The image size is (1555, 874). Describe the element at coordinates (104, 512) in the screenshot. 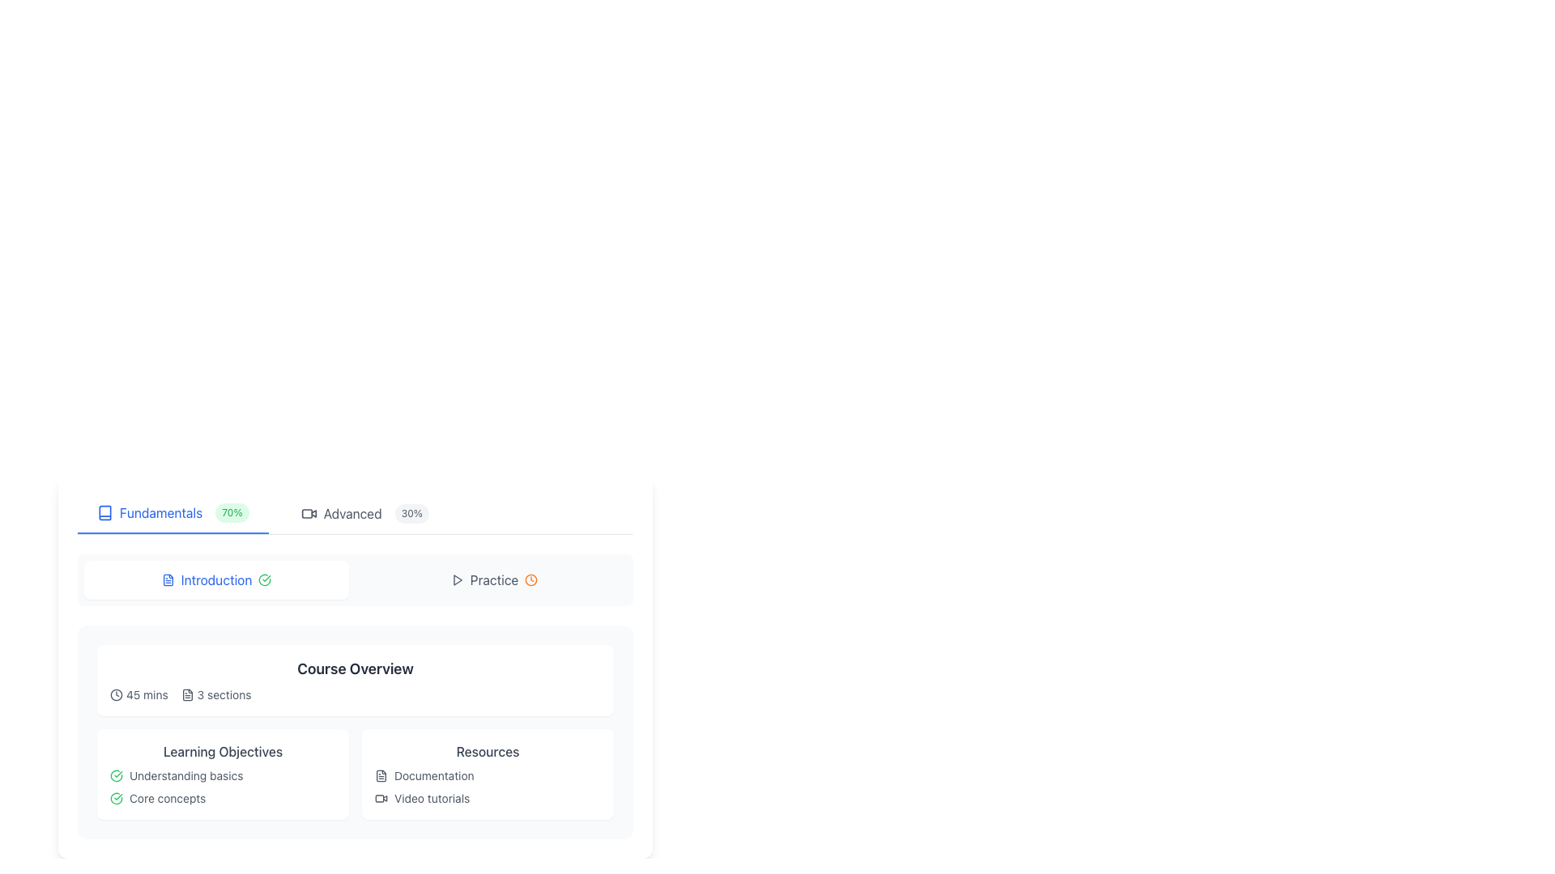

I see `the small red stylized book icon located next to the 'Fundamentals' text label for additional information` at that location.